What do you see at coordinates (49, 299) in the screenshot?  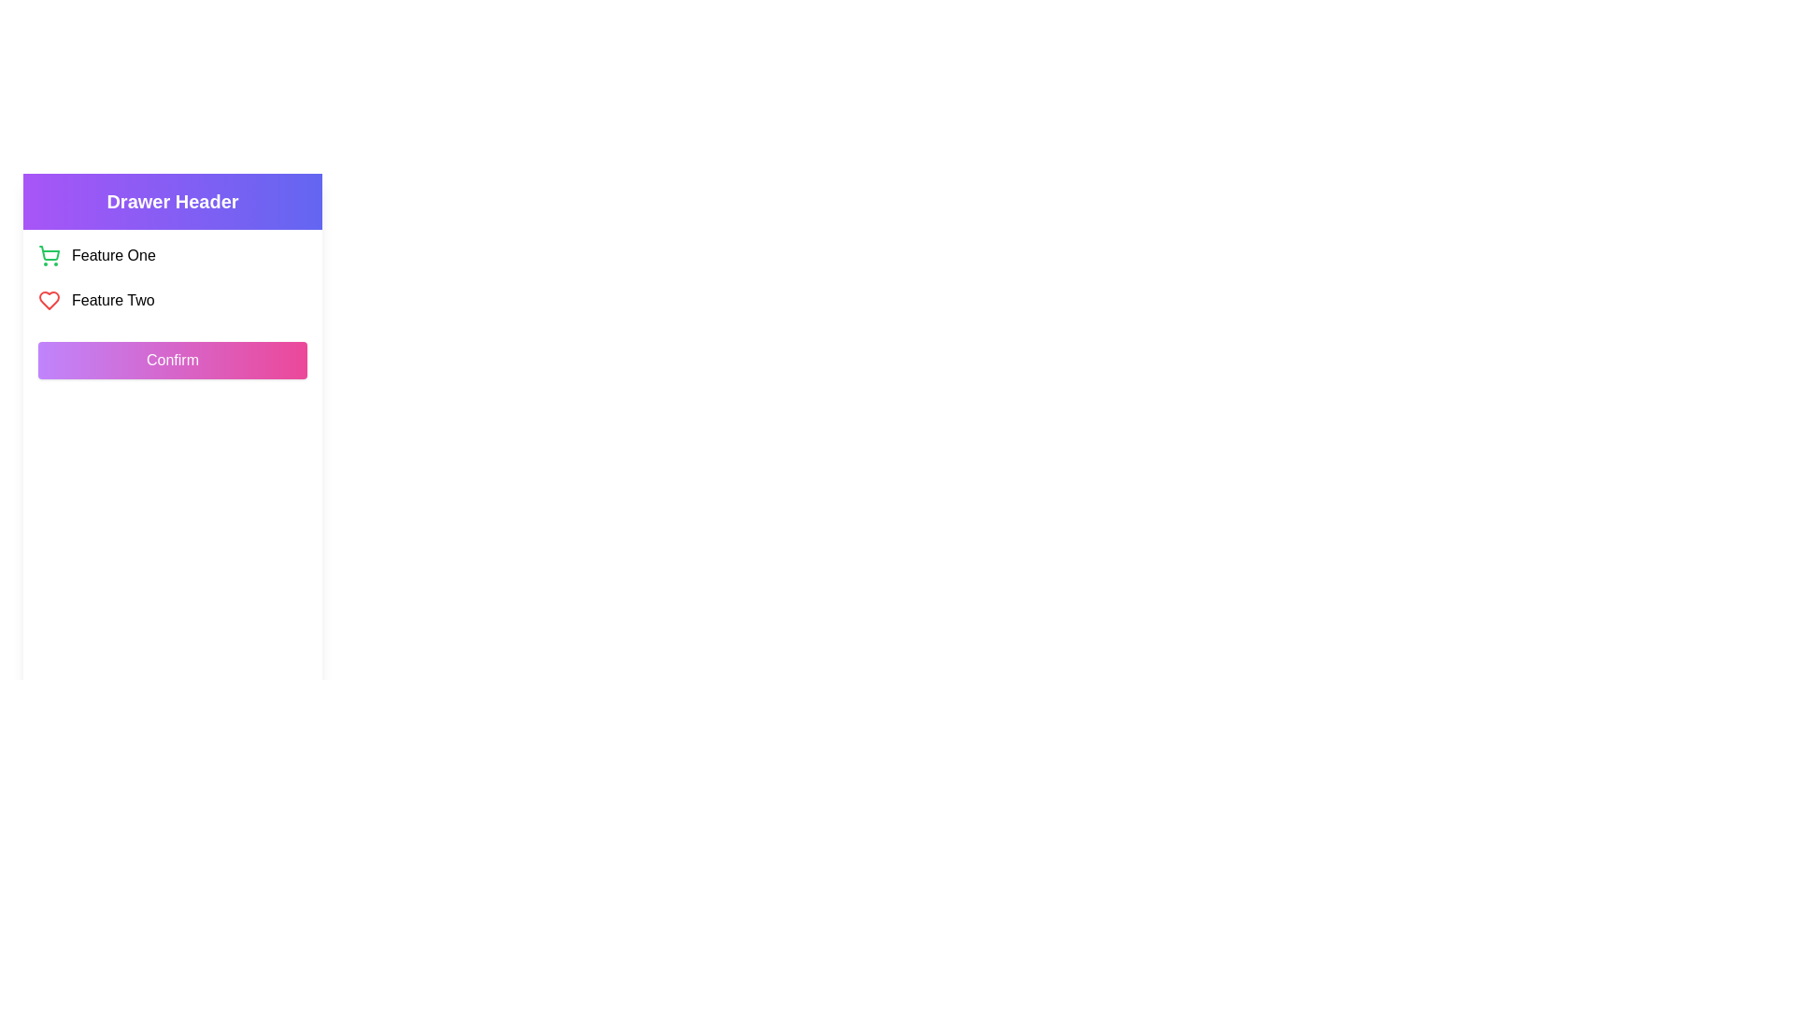 I see `the favorite icon located in the left-side navigation drawer beneath the 'Feature Two' label to mark an item as liked` at bounding box center [49, 299].